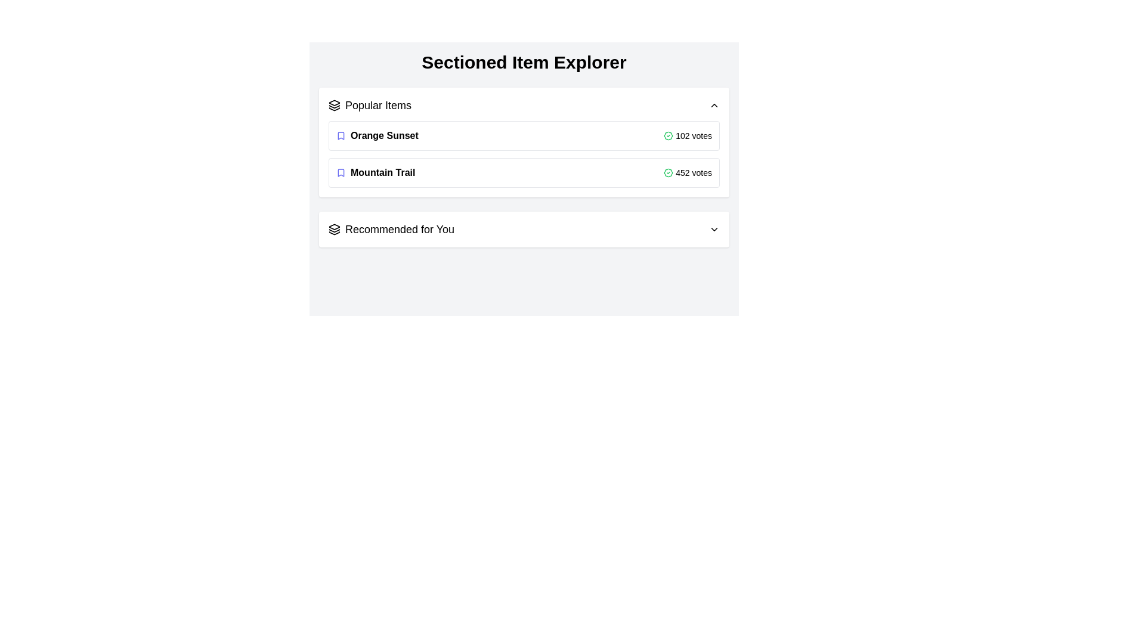  Describe the element at coordinates (383, 172) in the screenshot. I see `the 'Mountain Trail' title in the 'Popular Items' list, which is the second item below 'Orange Sunset' and aligned with an indigo bookmark icon` at that location.